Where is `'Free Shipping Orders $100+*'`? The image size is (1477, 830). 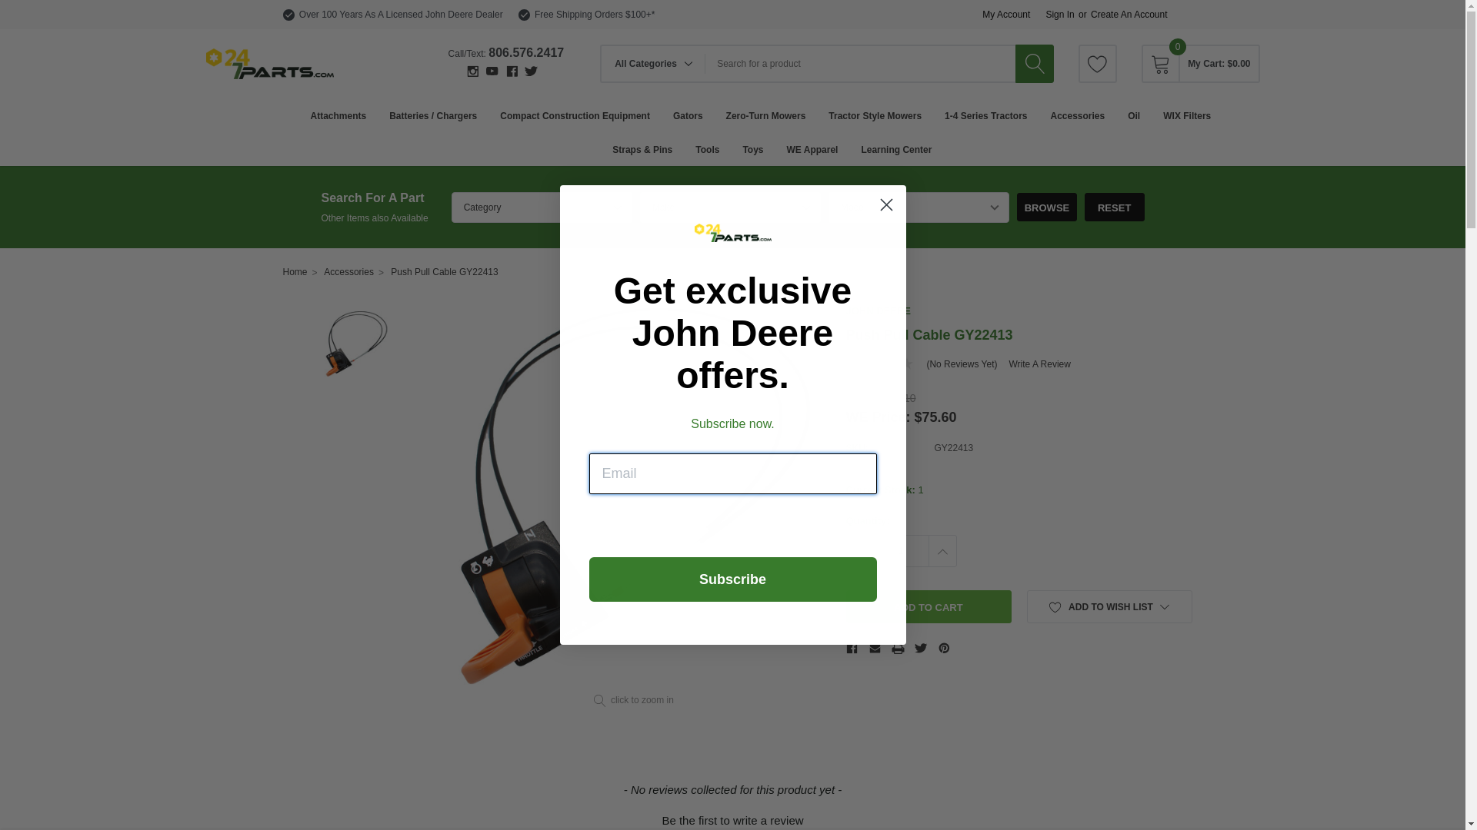 'Free Shipping Orders $100+*' is located at coordinates (593, 15).